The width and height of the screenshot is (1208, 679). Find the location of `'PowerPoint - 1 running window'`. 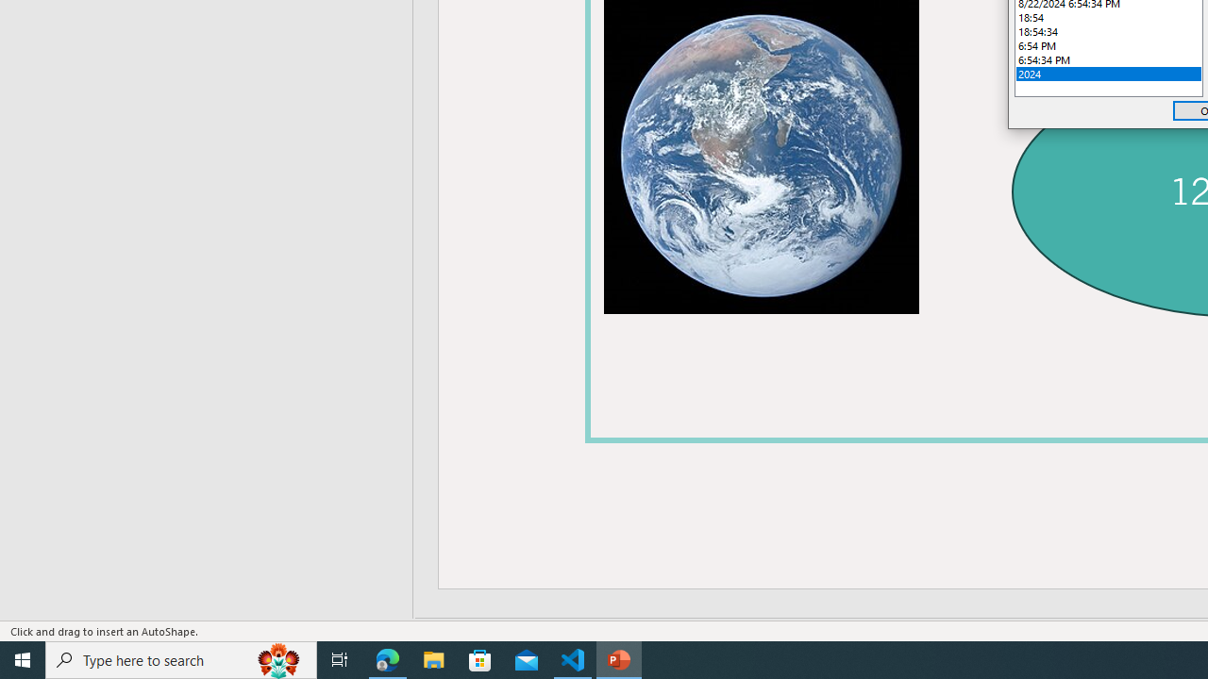

'PowerPoint - 1 running window' is located at coordinates (619, 658).